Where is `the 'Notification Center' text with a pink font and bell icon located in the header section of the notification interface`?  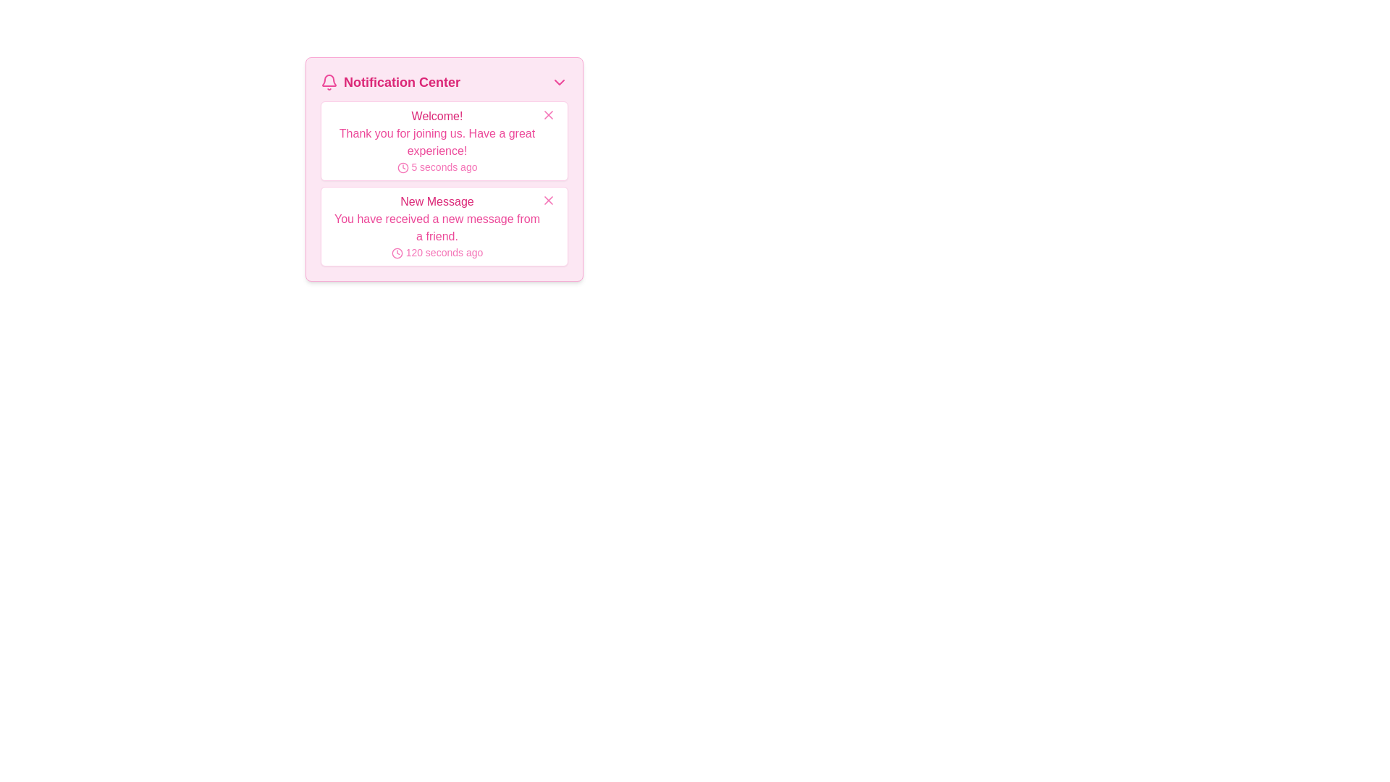
the 'Notification Center' text with a pink font and bell icon located in the header section of the notification interface is located at coordinates (390, 83).